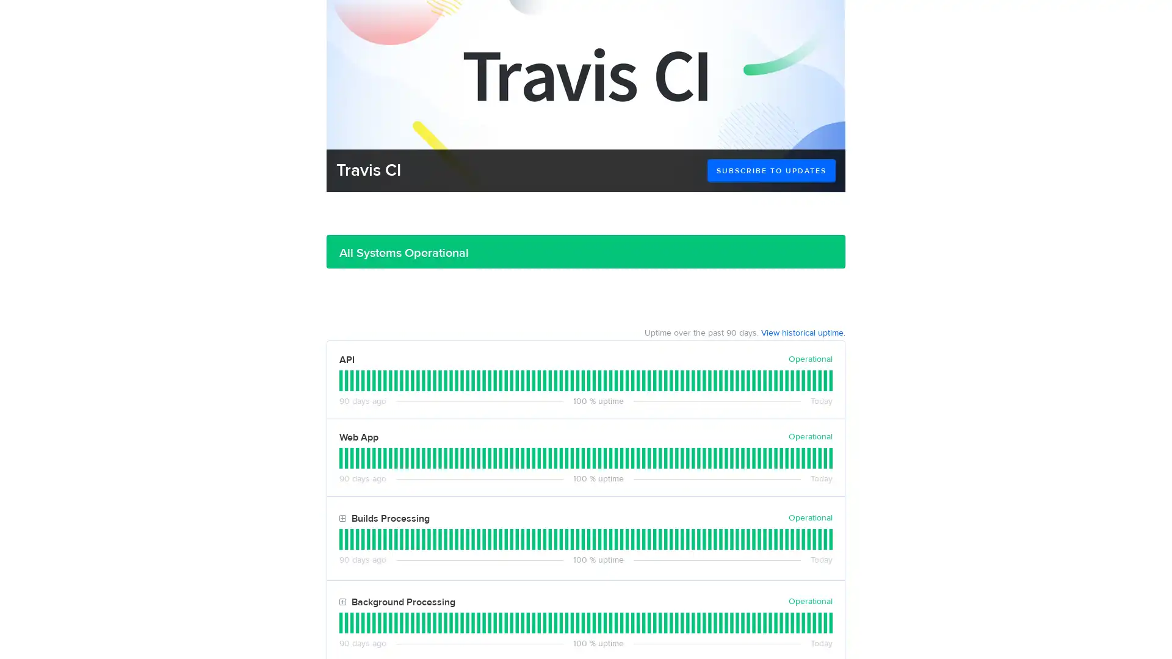 The width and height of the screenshot is (1172, 659). I want to click on Toggle Background Processing, so click(342, 602).